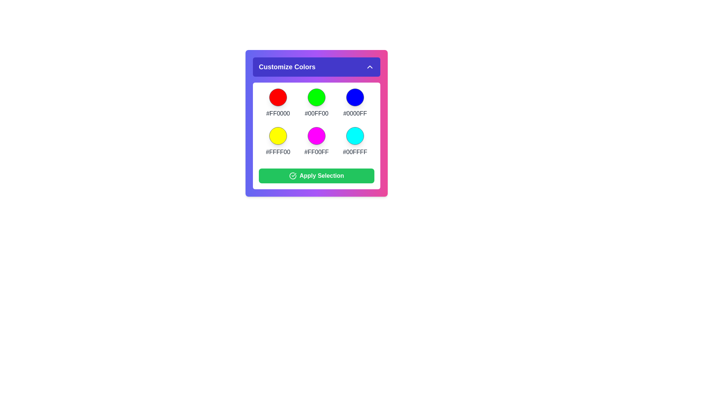 The width and height of the screenshot is (711, 400). What do you see at coordinates (316, 136) in the screenshot?
I see `the color #FF00FF from the color palette` at bounding box center [316, 136].